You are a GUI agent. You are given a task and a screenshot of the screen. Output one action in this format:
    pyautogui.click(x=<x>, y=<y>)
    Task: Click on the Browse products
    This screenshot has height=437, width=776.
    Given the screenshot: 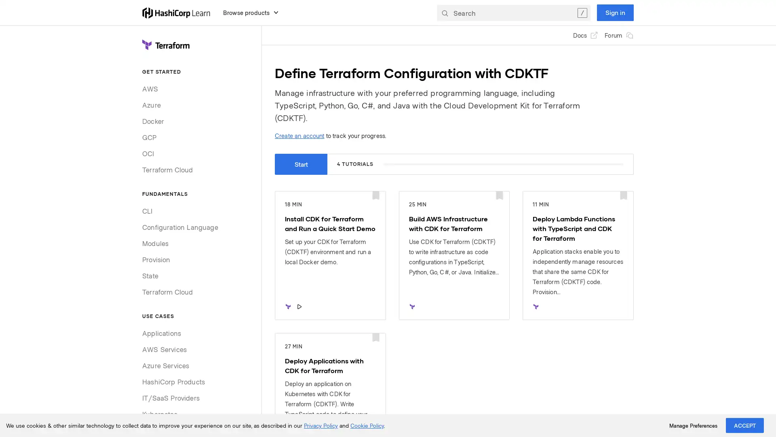 What is the action you would take?
    pyautogui.click(x=251, y=12)
    